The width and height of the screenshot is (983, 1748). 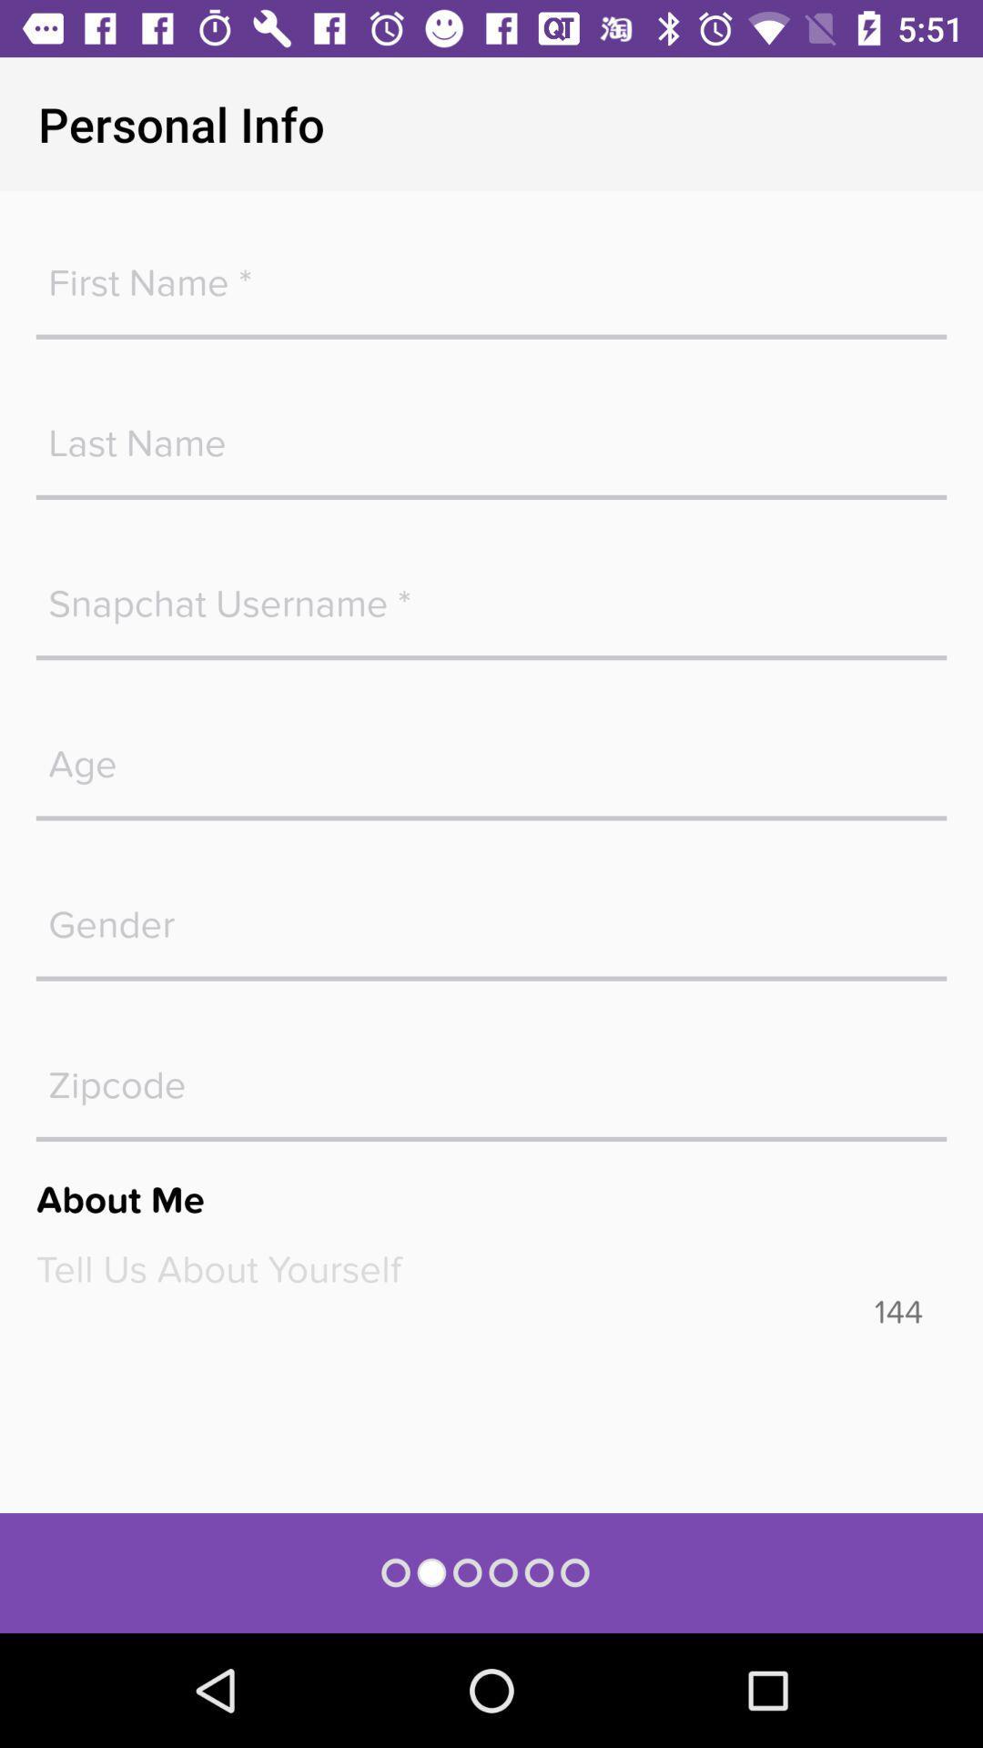 What do you see at coordinates (491, 595) in the screenshot?
I see `blank space` at bounding box center [491, 595].